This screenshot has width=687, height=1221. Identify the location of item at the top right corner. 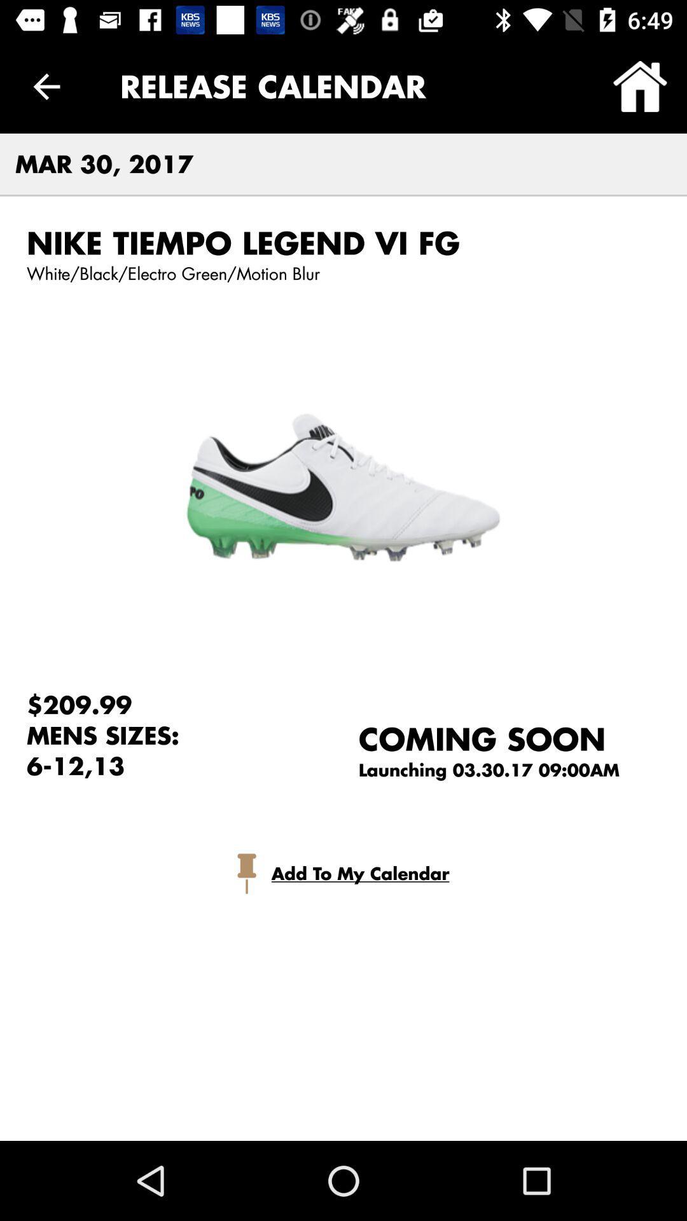
(640, 86).